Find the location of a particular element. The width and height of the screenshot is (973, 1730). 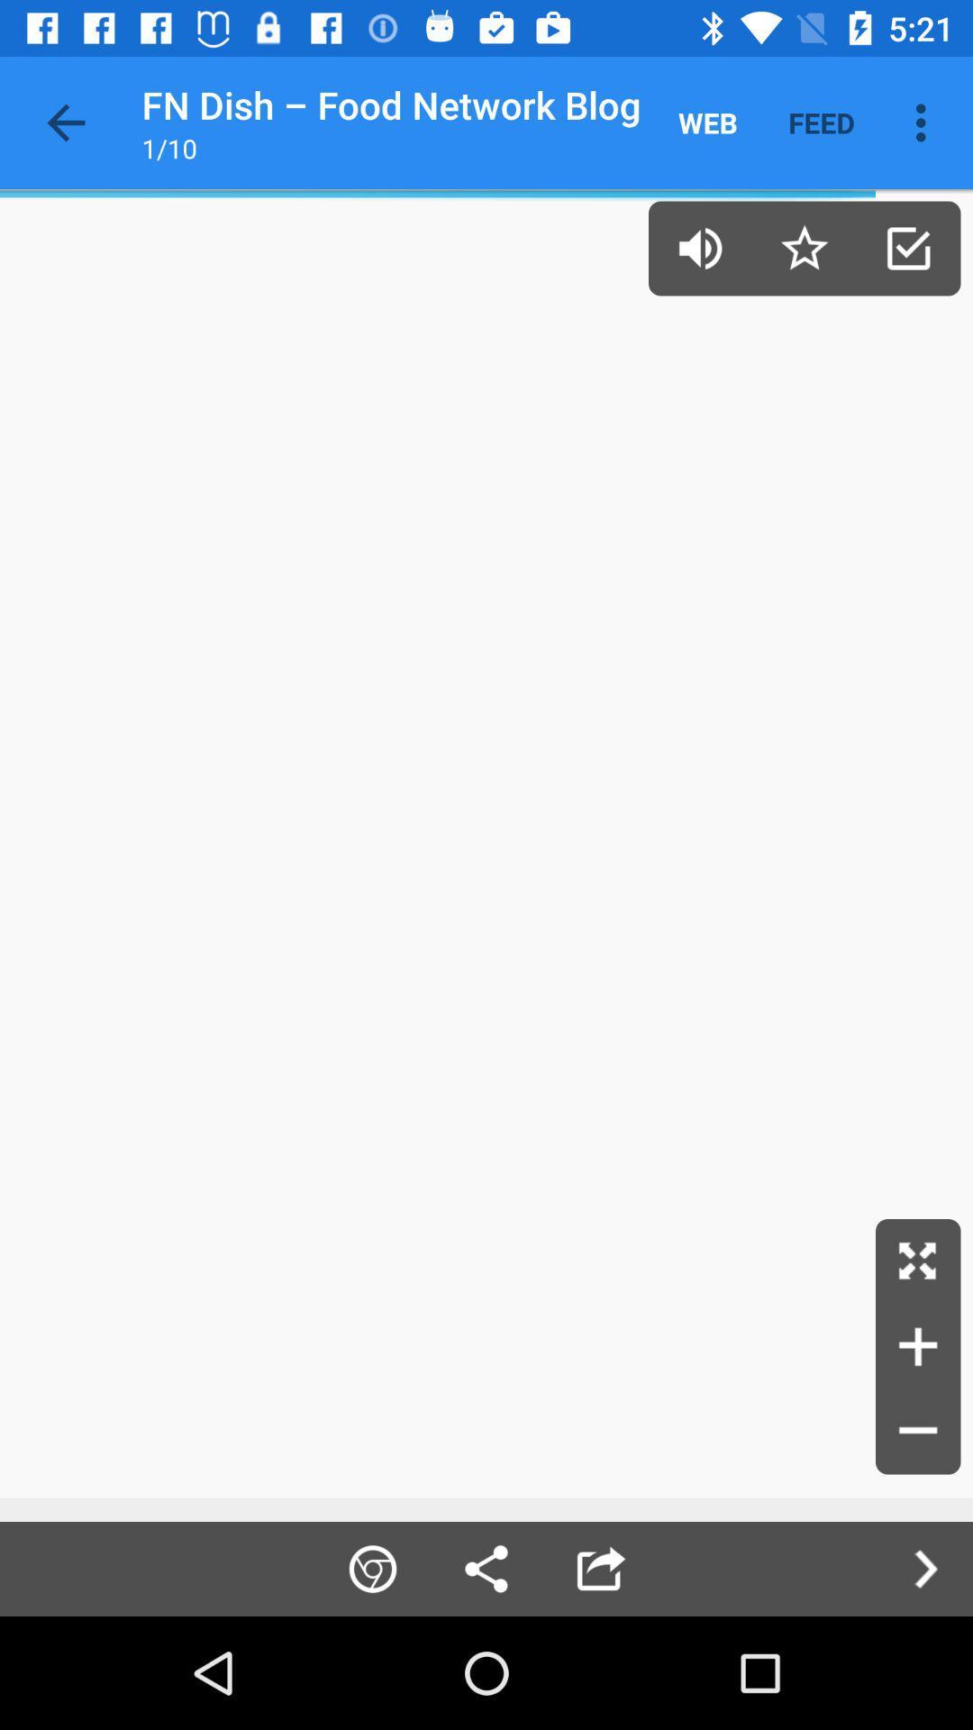

item next to feed item is located at coordinates (707, 122).